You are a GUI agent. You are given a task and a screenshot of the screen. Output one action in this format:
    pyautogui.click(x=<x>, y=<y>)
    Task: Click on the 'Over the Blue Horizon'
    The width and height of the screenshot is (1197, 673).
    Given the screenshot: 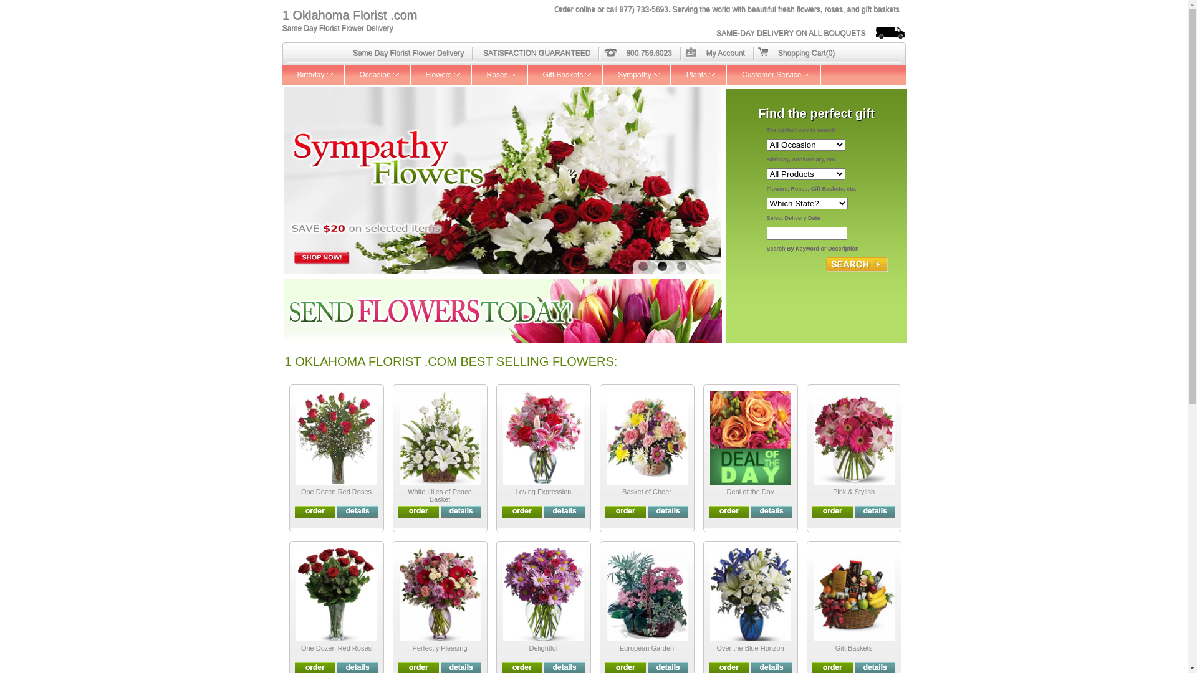 What is the action you would take?
    pyautogui.click(x=749, y=647)
    